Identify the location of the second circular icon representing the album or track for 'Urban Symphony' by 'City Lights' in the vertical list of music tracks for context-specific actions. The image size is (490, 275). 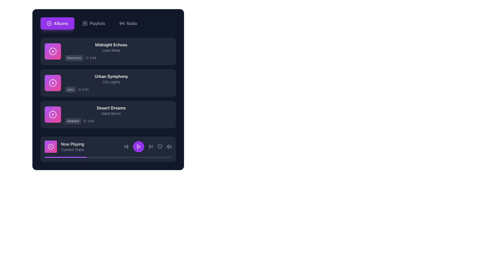
(53, 83).